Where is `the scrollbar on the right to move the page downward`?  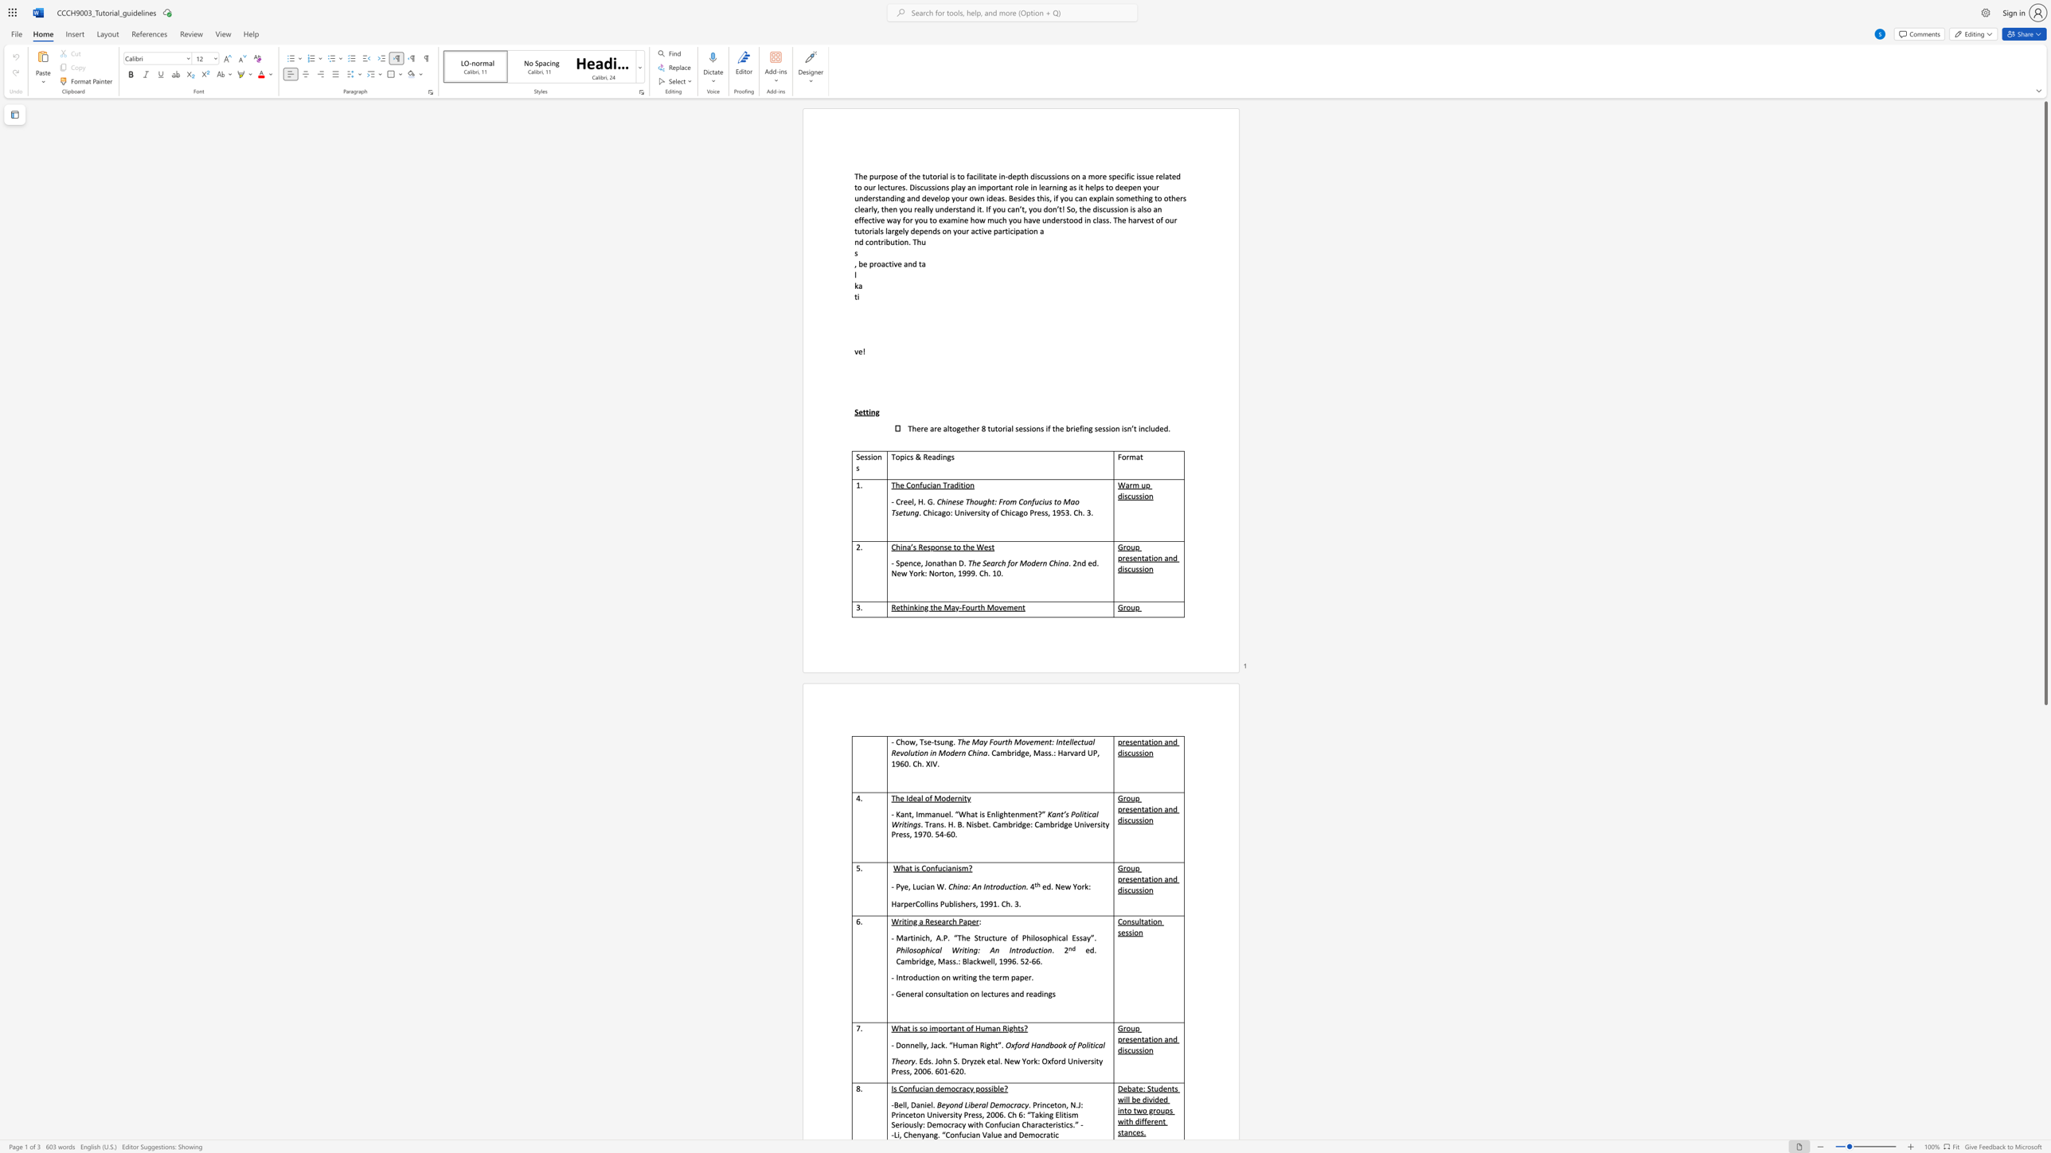
the scrollbar on the right to move the page downward is located at coordinates (2045, 976).